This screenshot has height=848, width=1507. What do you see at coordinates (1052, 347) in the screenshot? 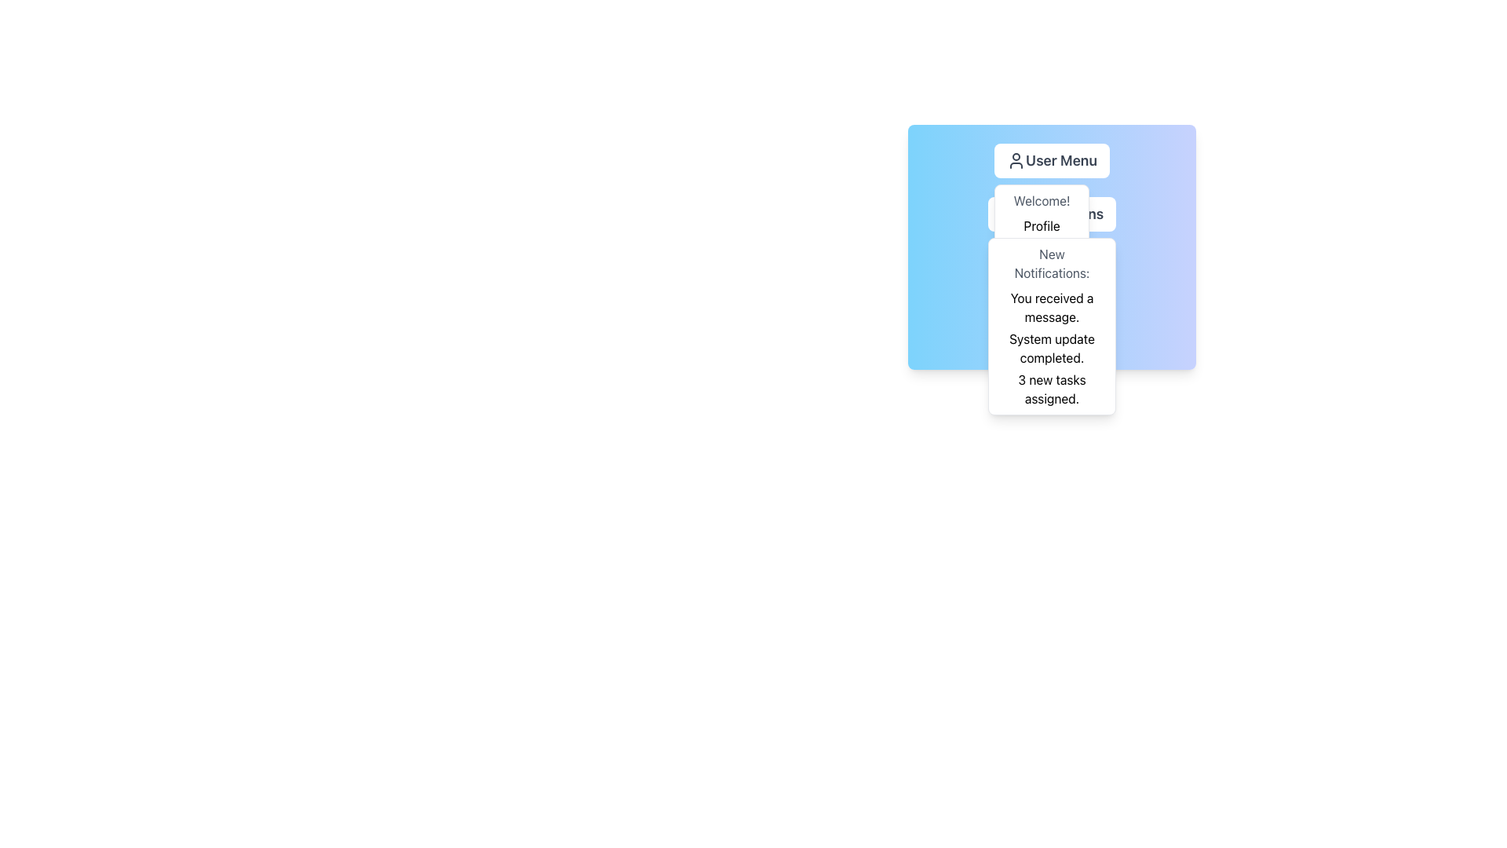
I see `the second static notification message indicating the completion of a system update, positioned between two other notifications in the dropdown menu` at bounding box center [1052, 347].